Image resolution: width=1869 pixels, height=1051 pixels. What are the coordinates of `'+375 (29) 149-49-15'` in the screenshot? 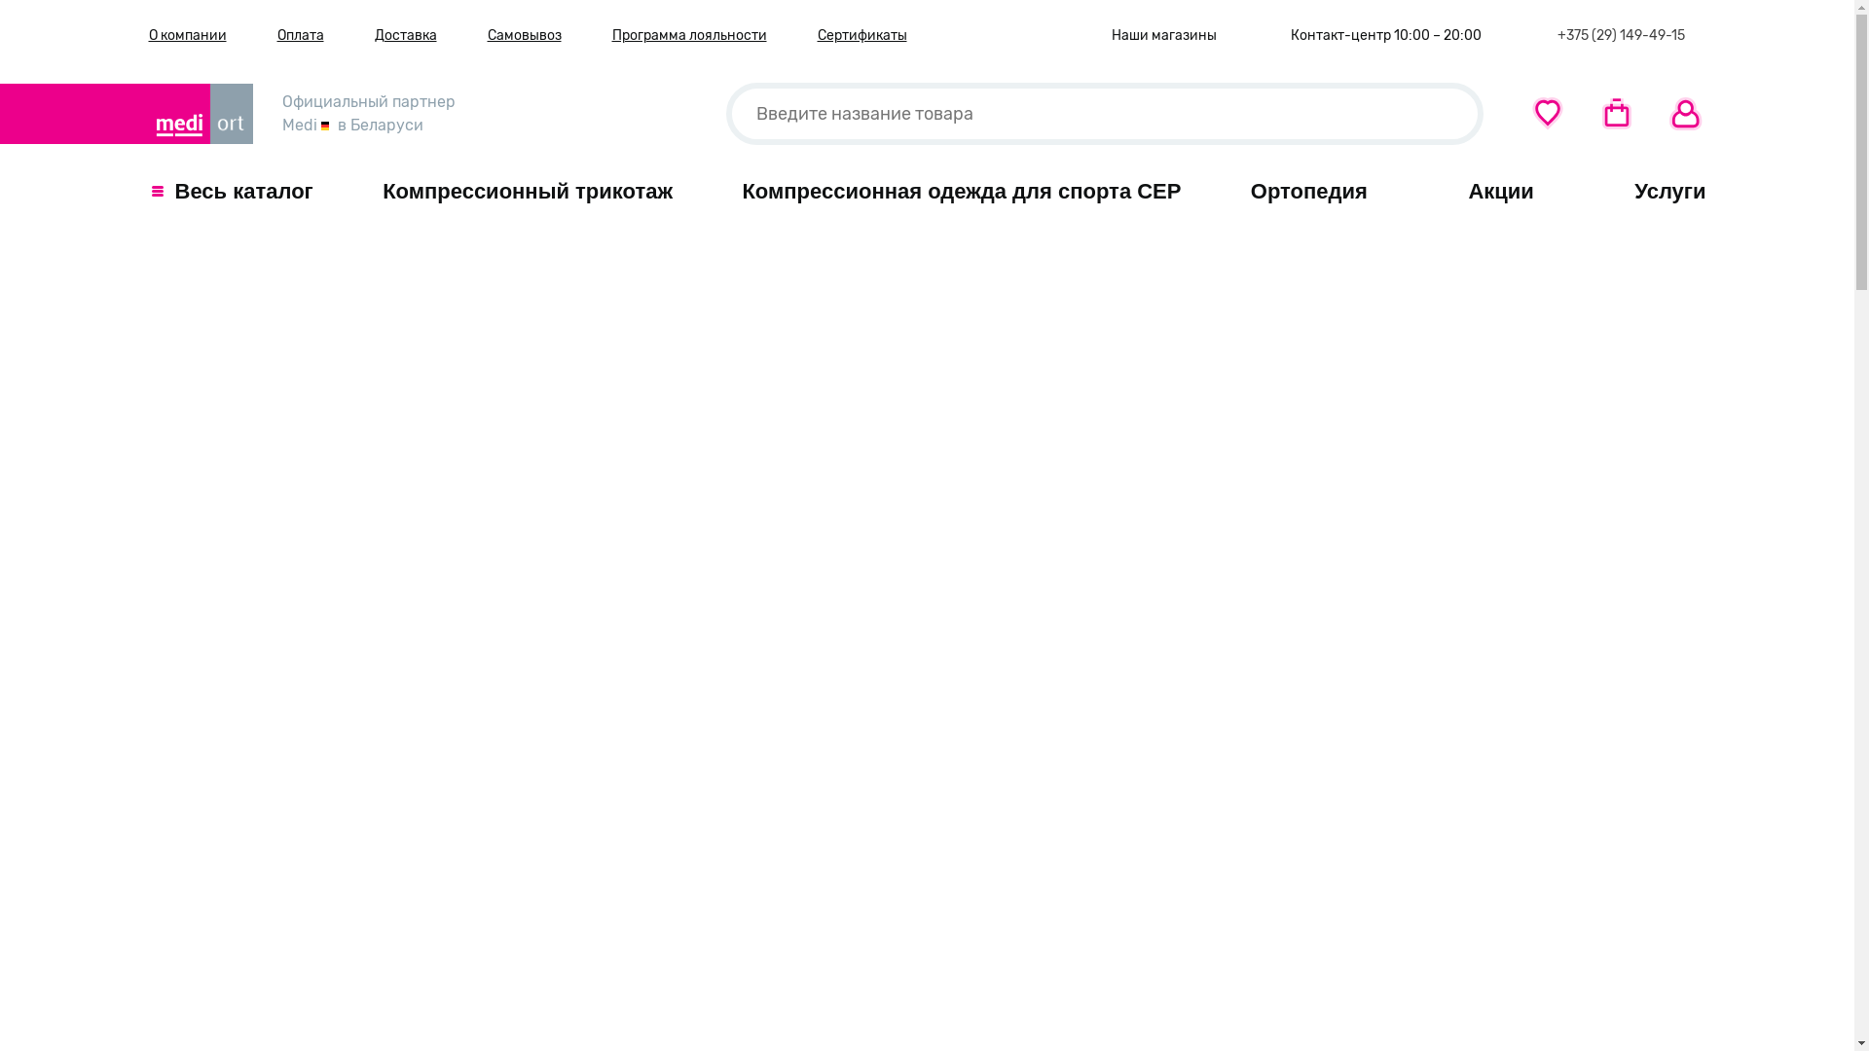 It's located at (1617, 35).